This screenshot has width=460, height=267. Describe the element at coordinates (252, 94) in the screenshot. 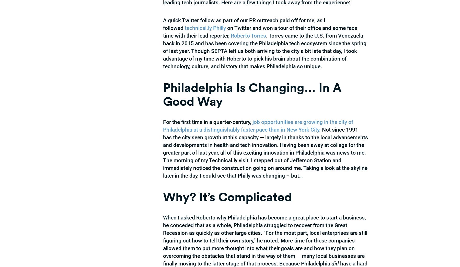

I see `'Philadelphia Is Changing… In A Good Way'` at that location.